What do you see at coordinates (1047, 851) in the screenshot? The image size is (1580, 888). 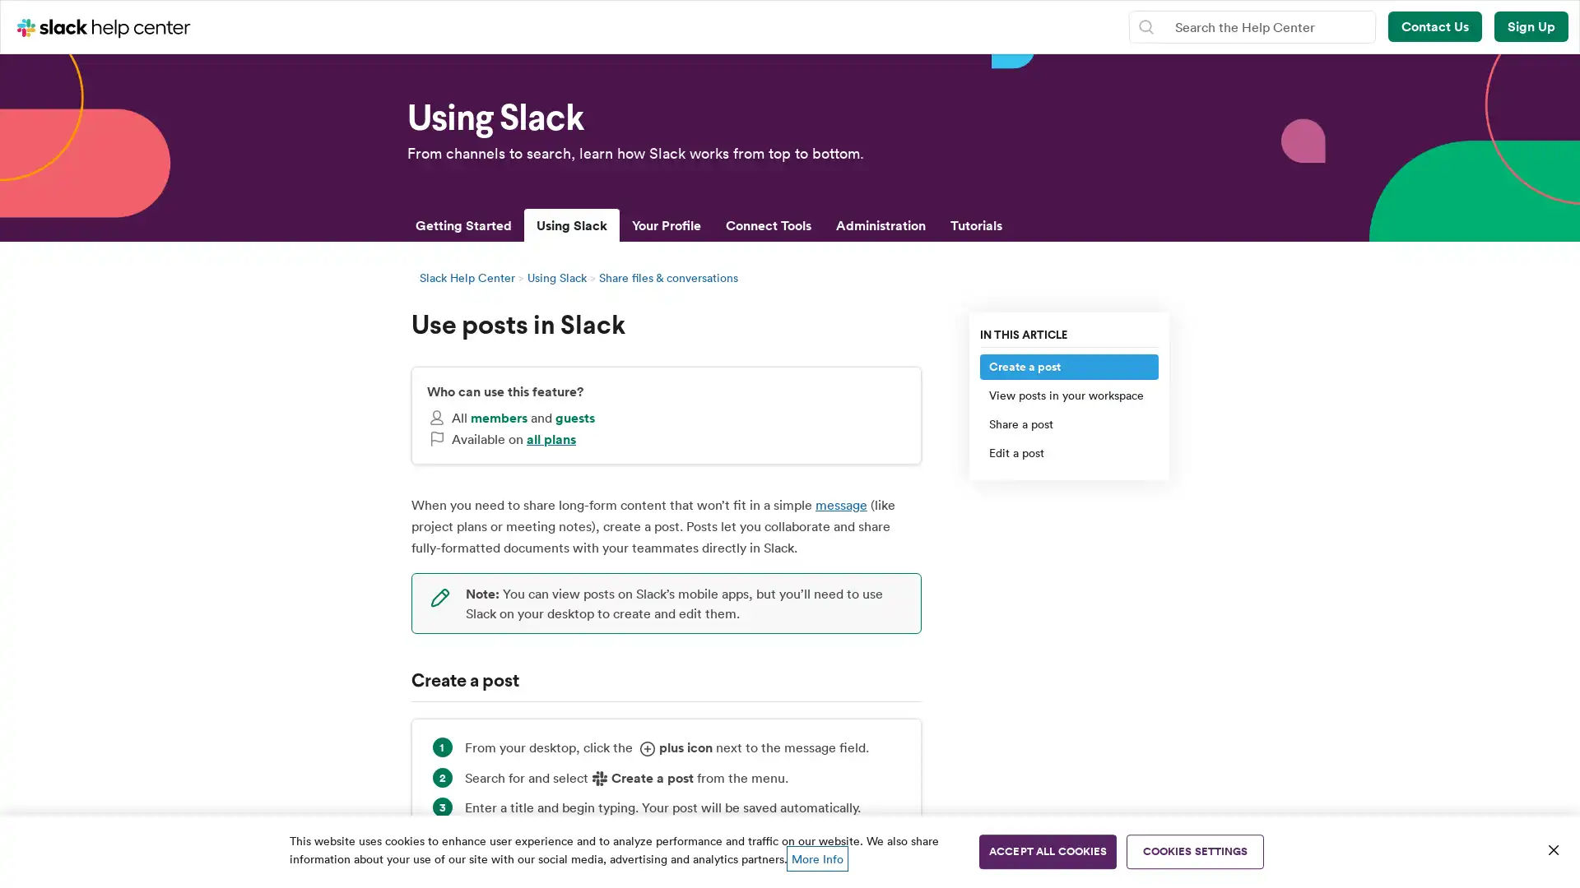 I see `ACCEPT ALL COOKIES` at bounding box center [1047, 851].